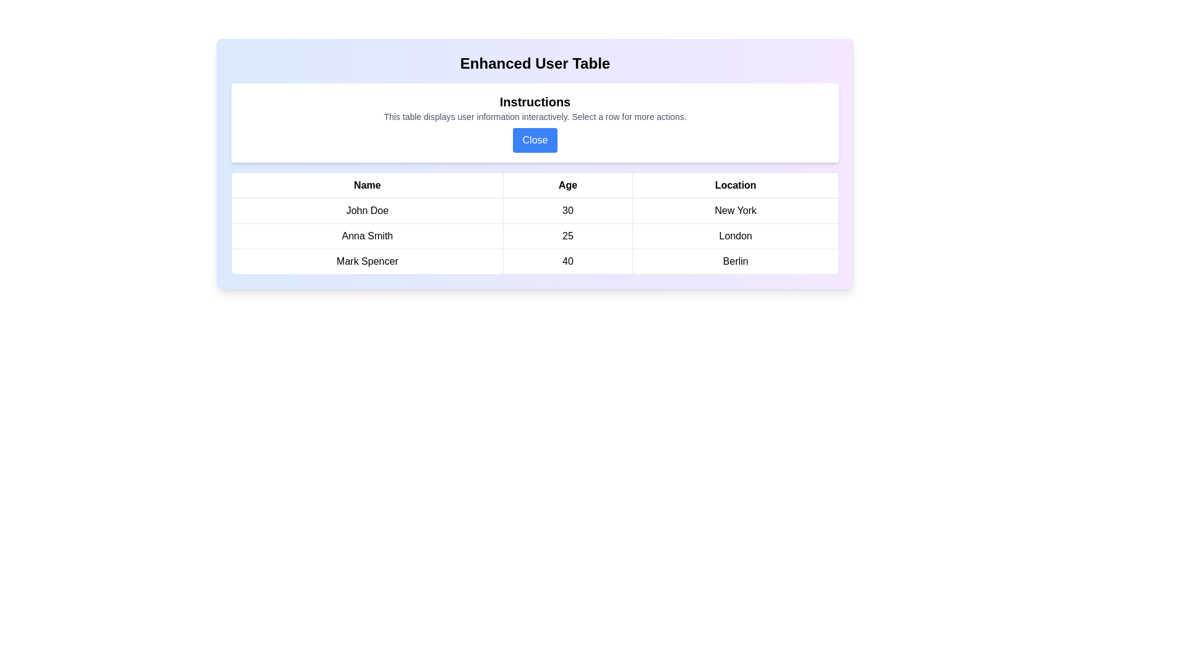 The image size is (1188, 668). What do you see at coordinates (535, 236) in the screenshot?
I see `the second row of the user details table displaying 'Anna Smith', '25', and 'London'` at bounding box center [535, 236].